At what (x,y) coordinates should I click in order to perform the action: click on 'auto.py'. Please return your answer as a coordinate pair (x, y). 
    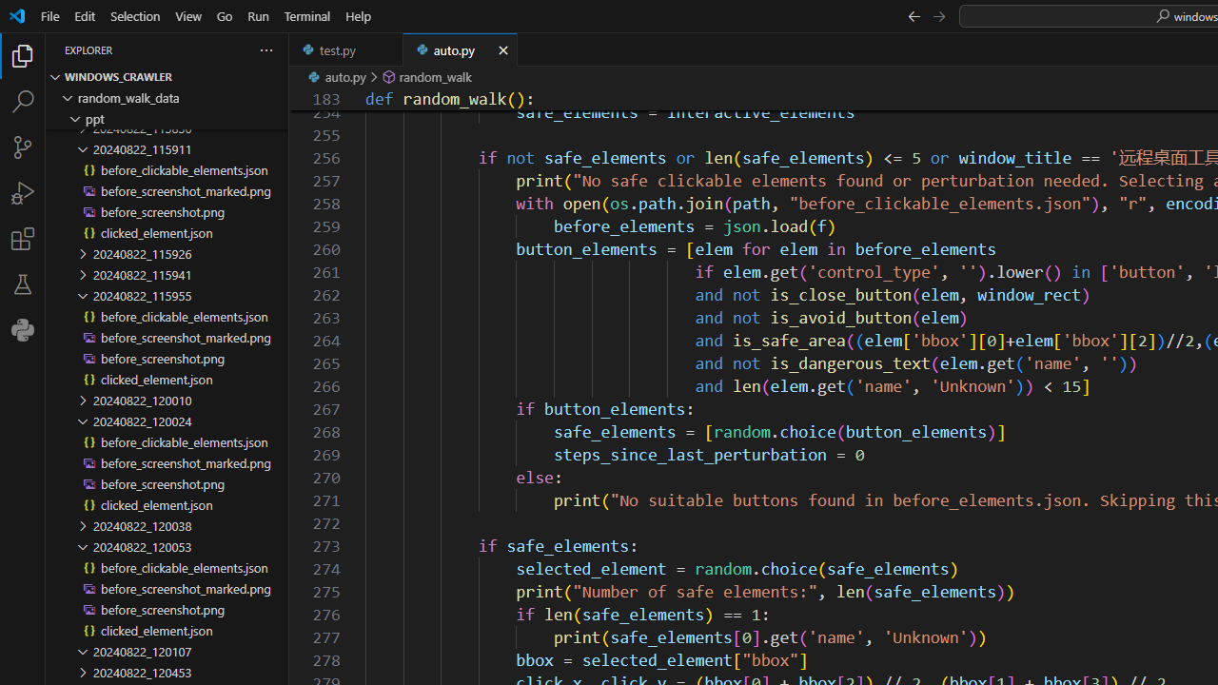
    Looking at the image, I should click on (460, 49).